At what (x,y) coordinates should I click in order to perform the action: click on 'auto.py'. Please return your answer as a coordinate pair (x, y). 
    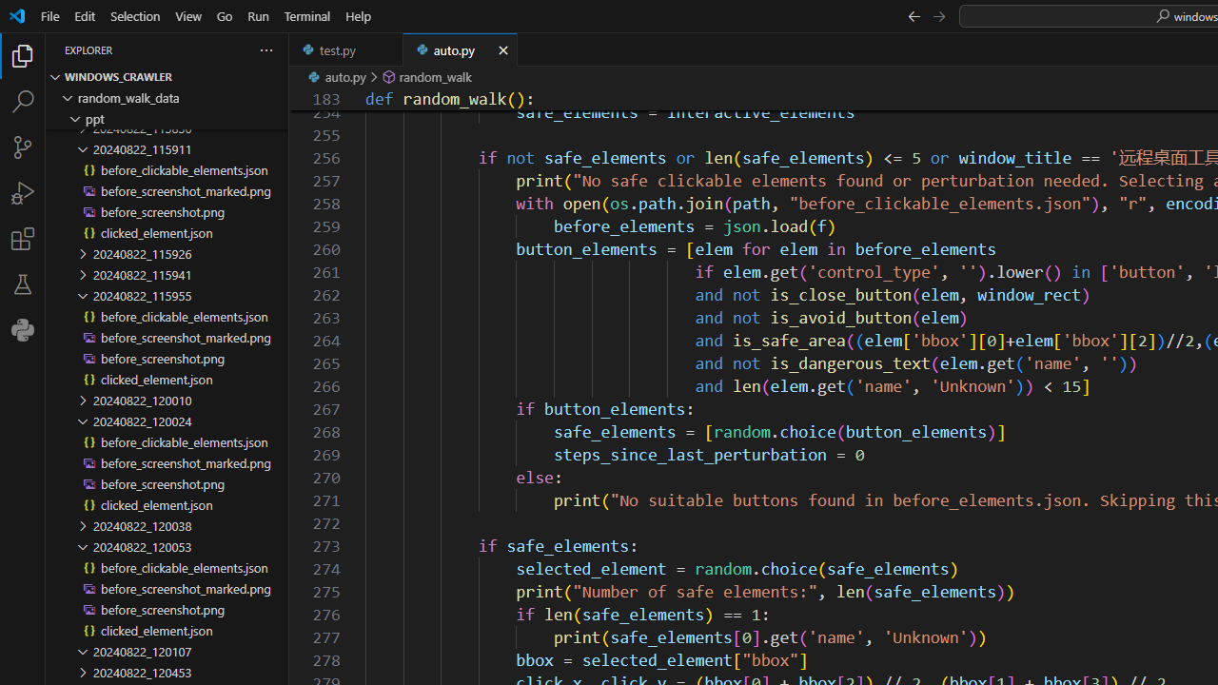
    Looking at the image, I should click on (460, 49).